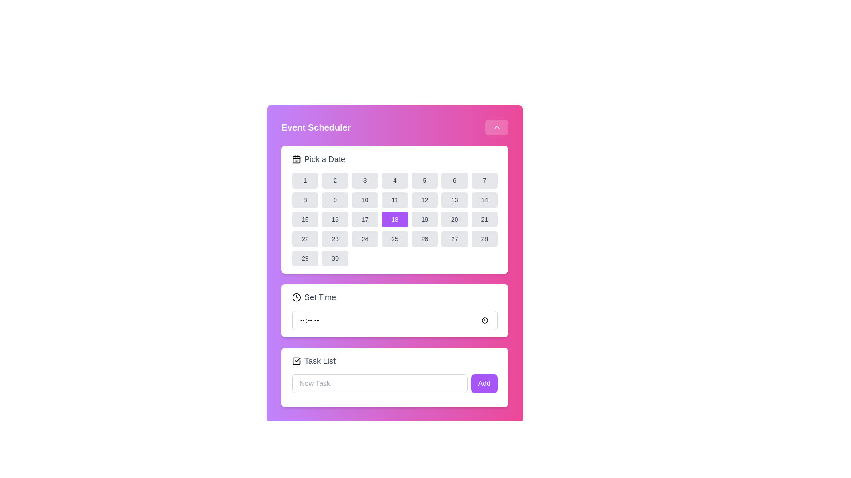  Describe the element at coordinates (305, 219) in the screenshot. I see `the button for selecting the 15th day` at that location.